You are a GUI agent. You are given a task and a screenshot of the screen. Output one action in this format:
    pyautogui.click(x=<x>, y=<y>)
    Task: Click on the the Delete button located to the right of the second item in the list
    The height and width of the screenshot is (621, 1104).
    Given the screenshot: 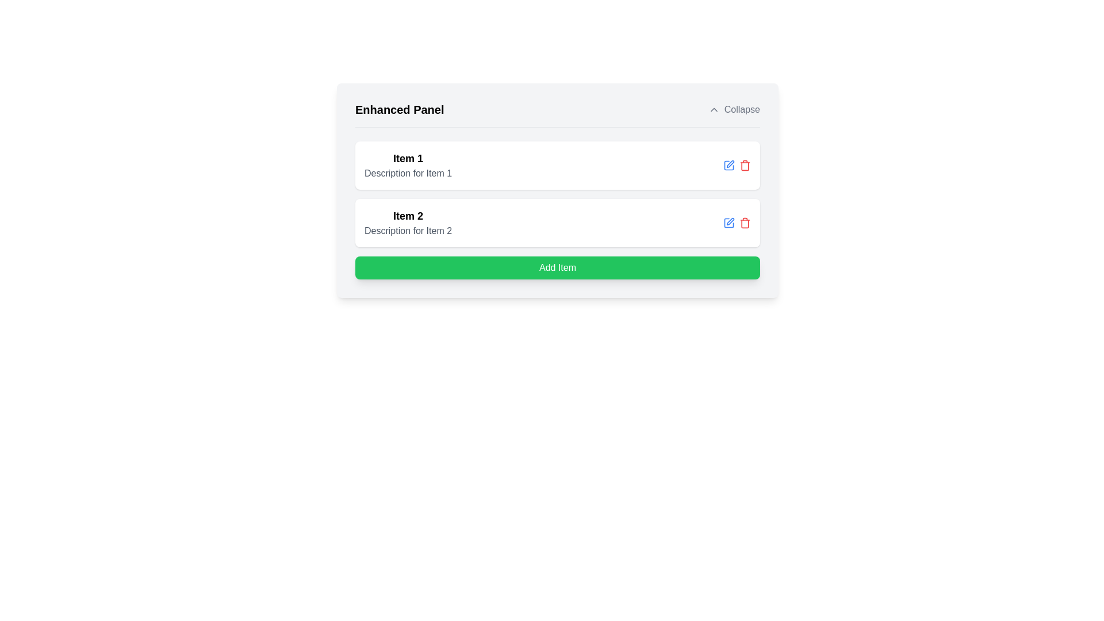 What is the action you would take?
    pyautogui.click(x=745, y=223)
    